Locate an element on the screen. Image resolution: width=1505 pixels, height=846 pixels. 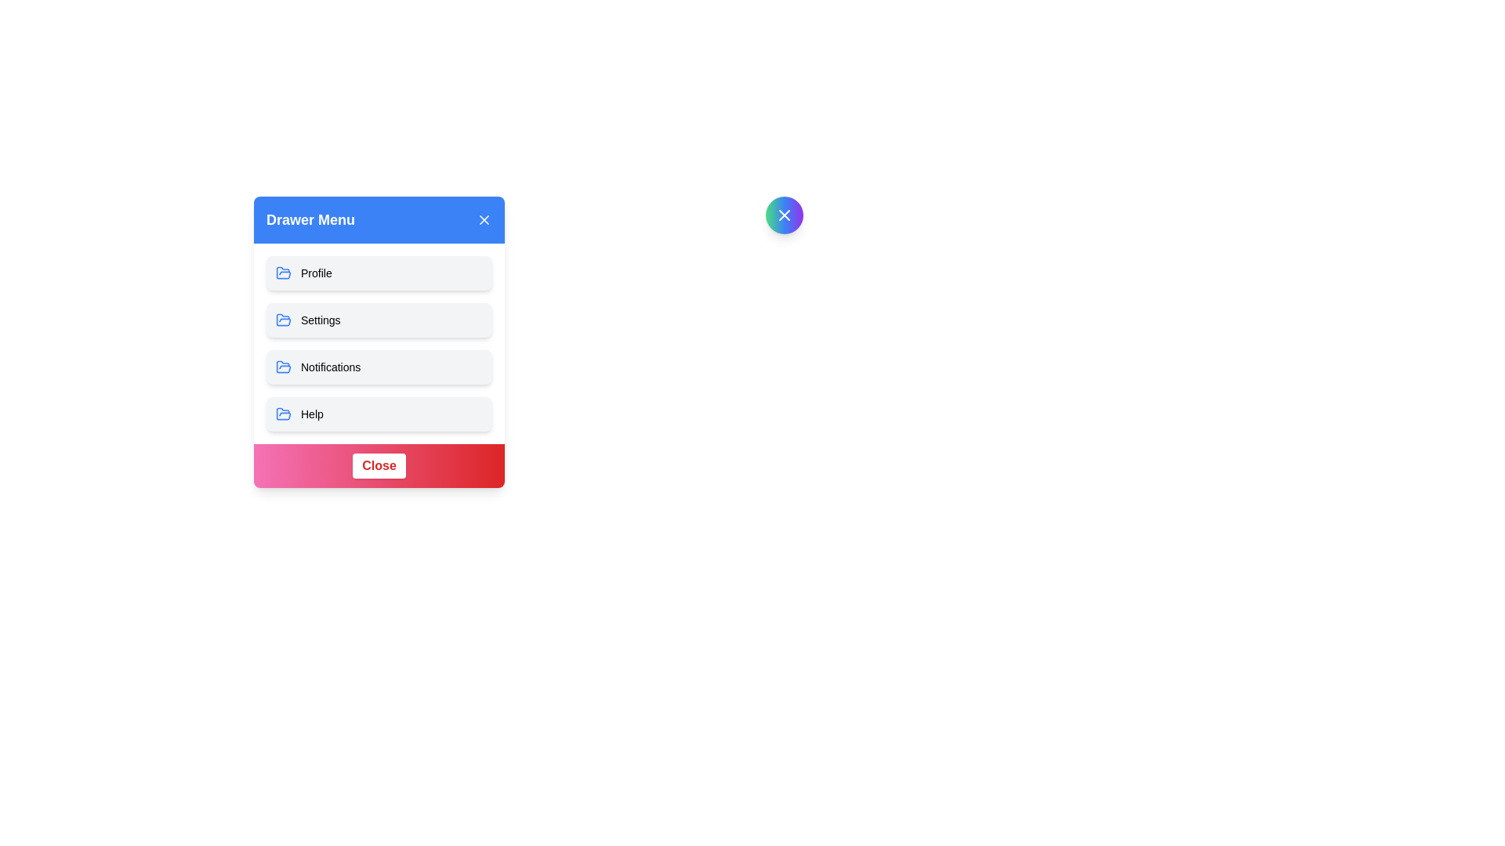
the circular gradient button with a white 'X' icon is located at coordinates (785, 215).